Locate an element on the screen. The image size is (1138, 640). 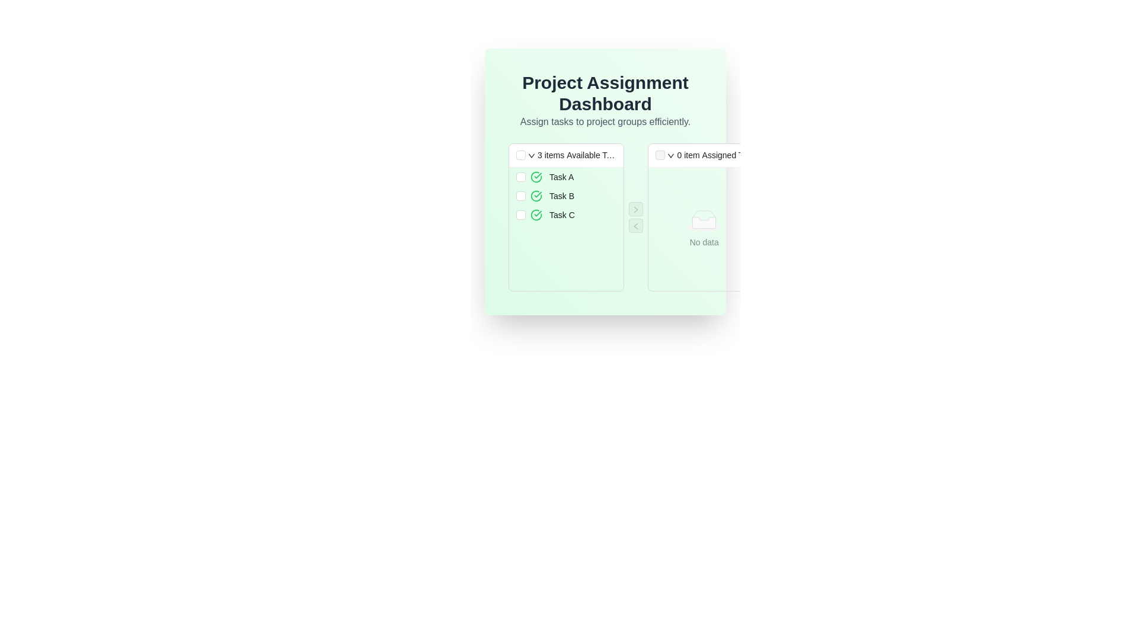
the circular green icon with a checkmark inside it, located to the left of the text 'Task C' is located at coordinates (536, 215).